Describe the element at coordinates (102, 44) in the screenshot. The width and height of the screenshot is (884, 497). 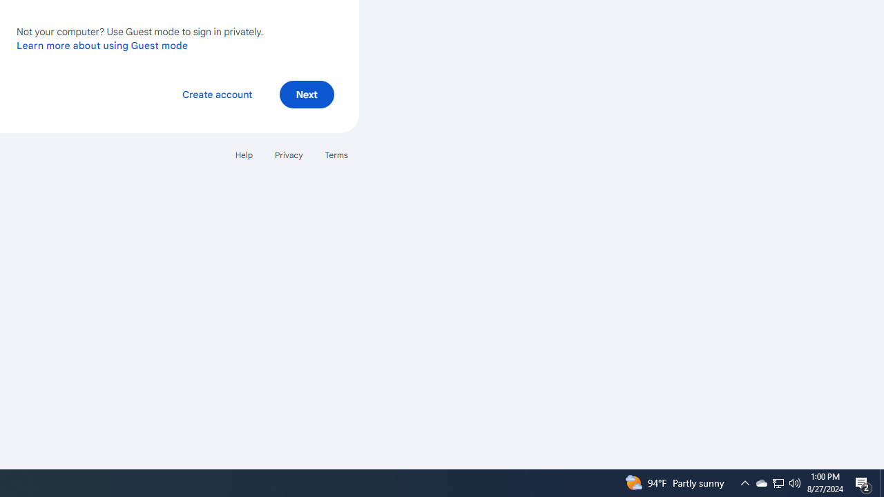
I see `'Learn more about using Guest mode'` at that location.